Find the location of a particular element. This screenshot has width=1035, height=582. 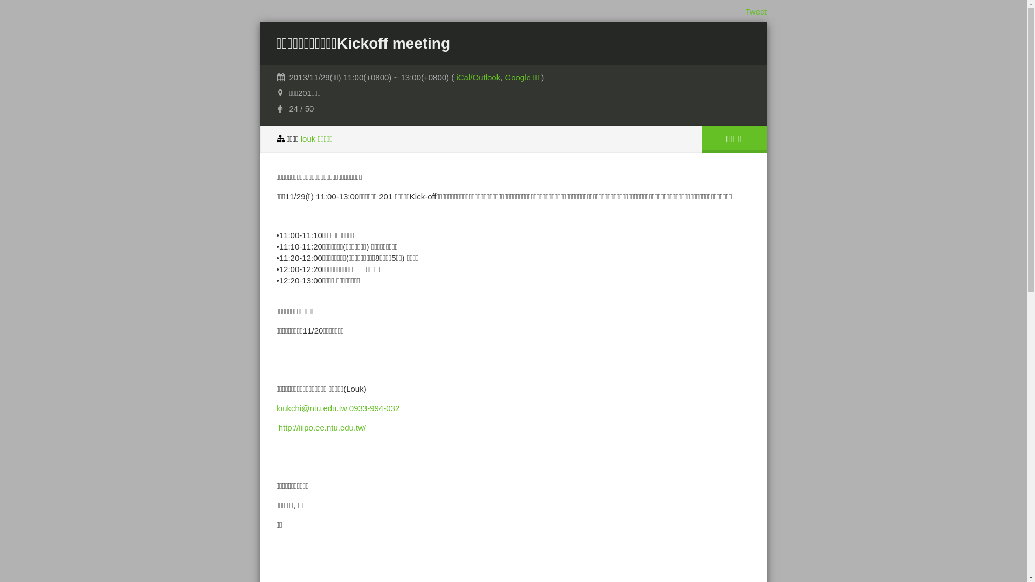

'loukchi@ntu.edu.tw' is located at coordinates (310, 408).